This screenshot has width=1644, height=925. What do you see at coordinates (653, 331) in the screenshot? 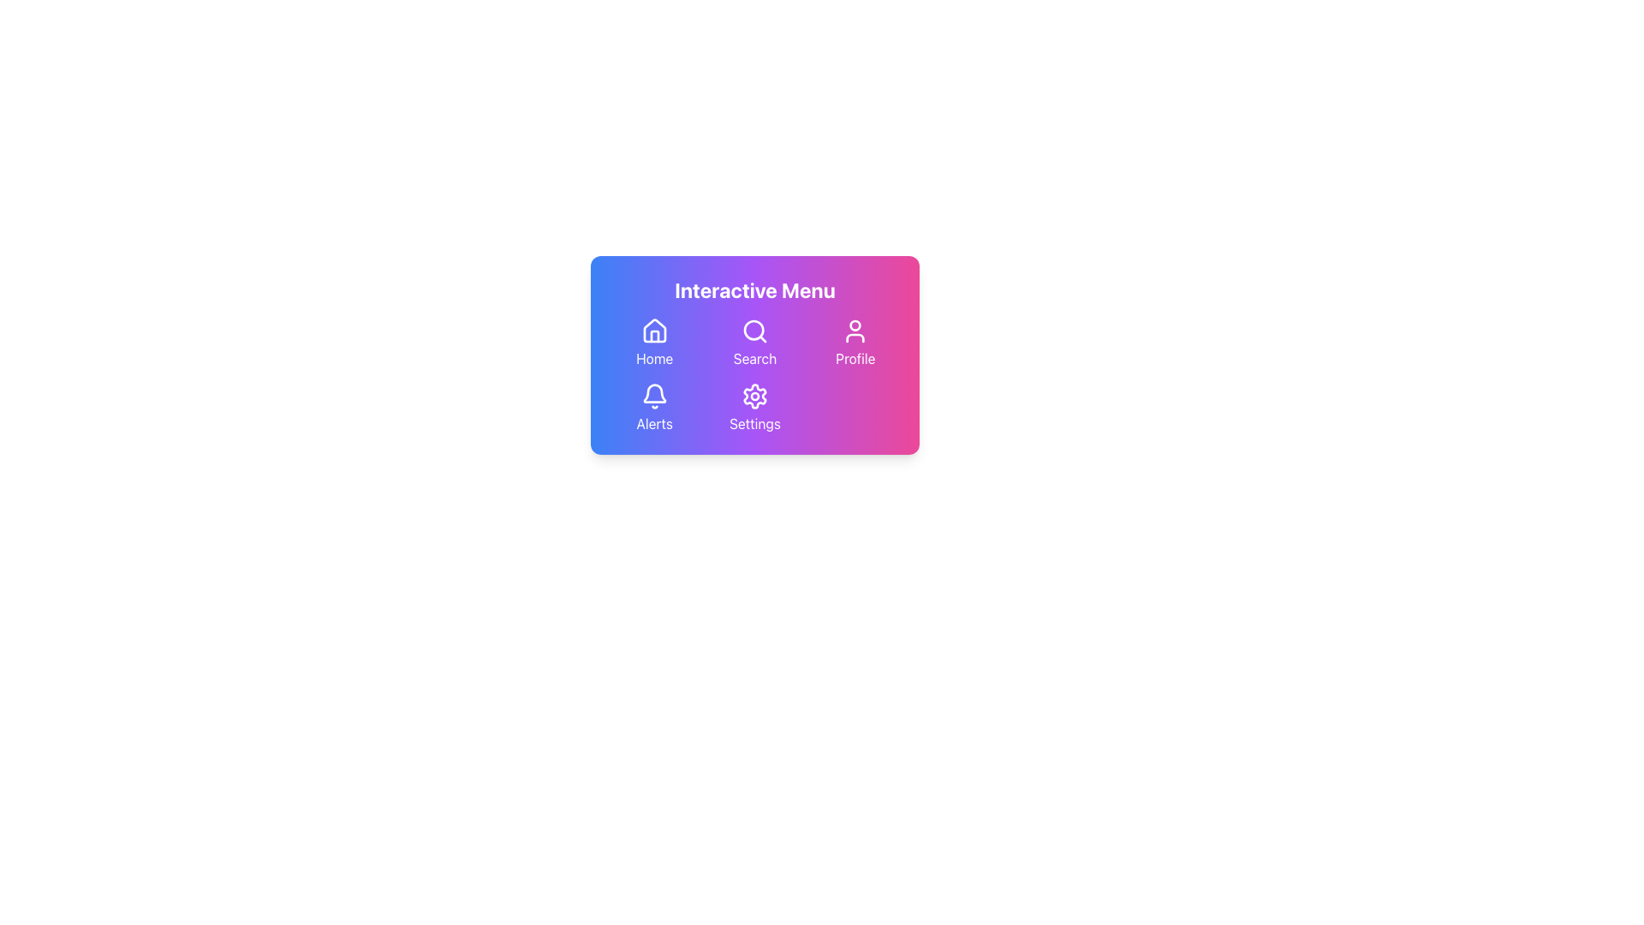
I see `the Vector Icon in the top-left corner of the 'Interactive Menu'` at bounding box center [653, 331].